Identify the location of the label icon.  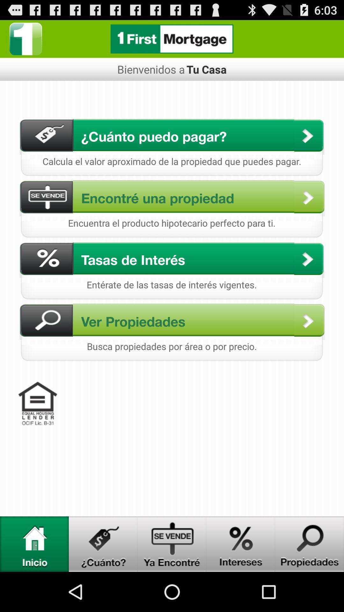
(103, 582).